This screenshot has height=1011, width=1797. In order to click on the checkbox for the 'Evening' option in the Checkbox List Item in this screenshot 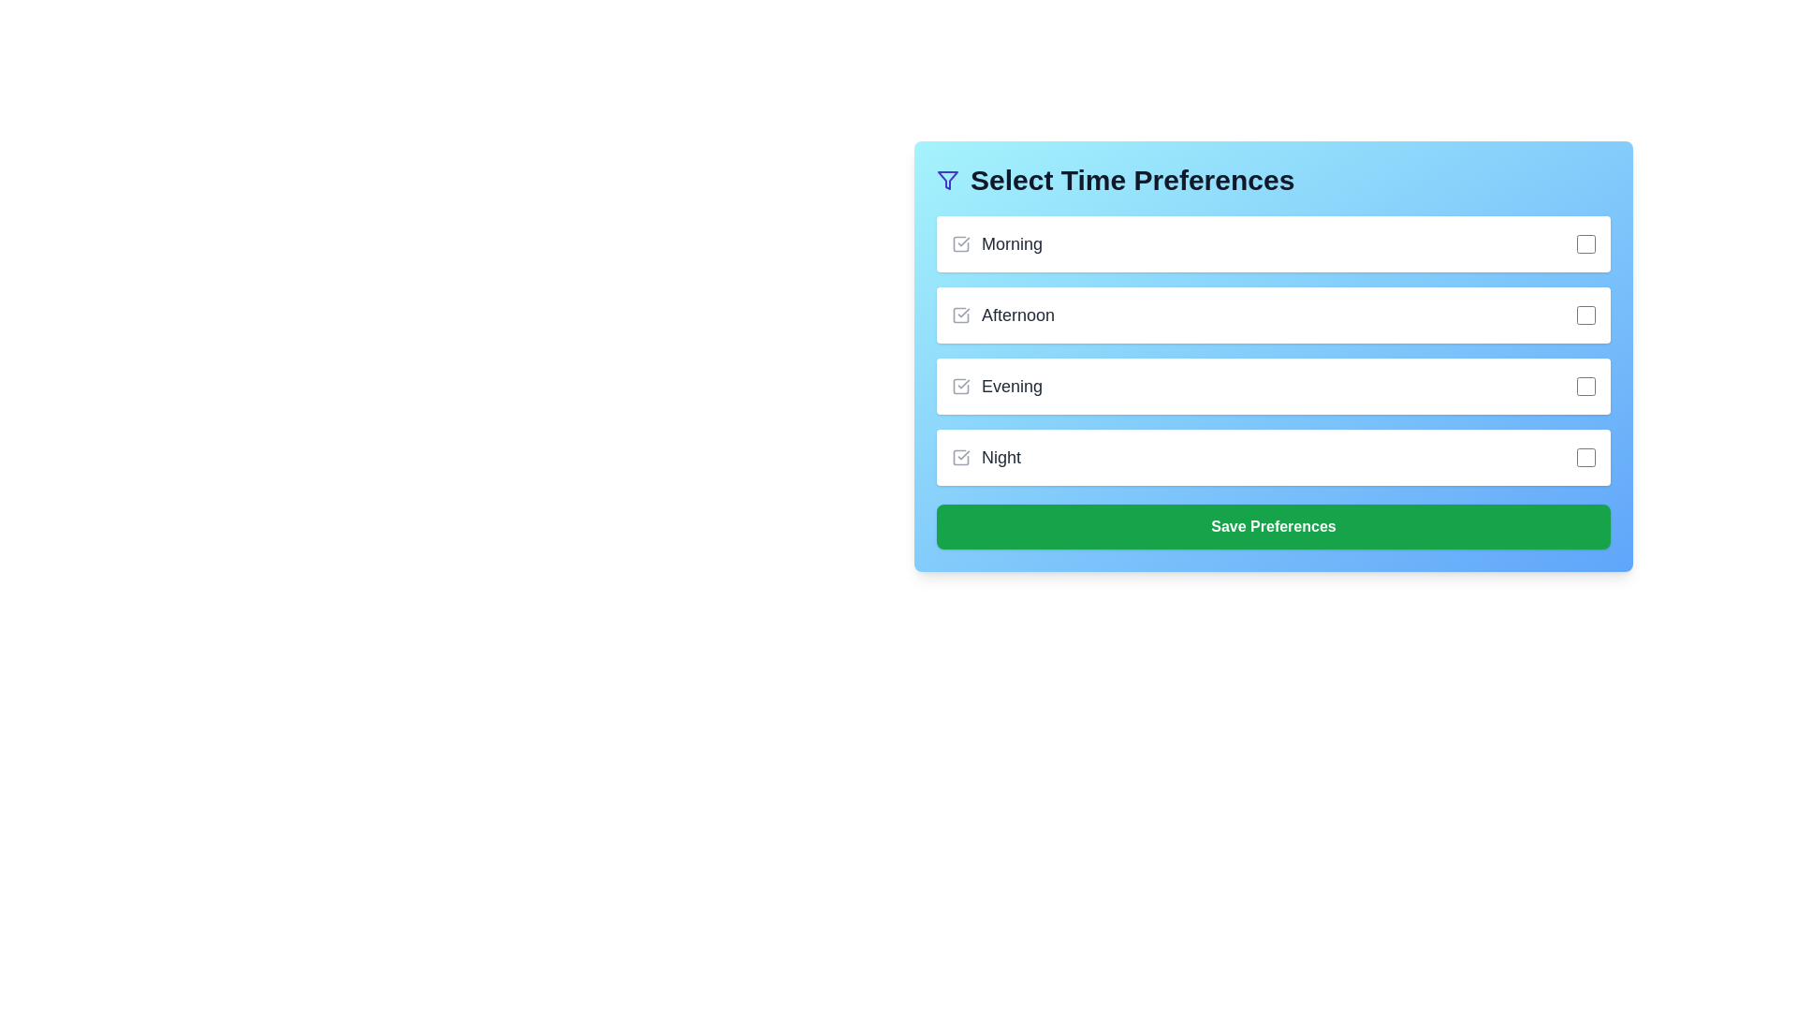, I will do `click(1273, 385)`.